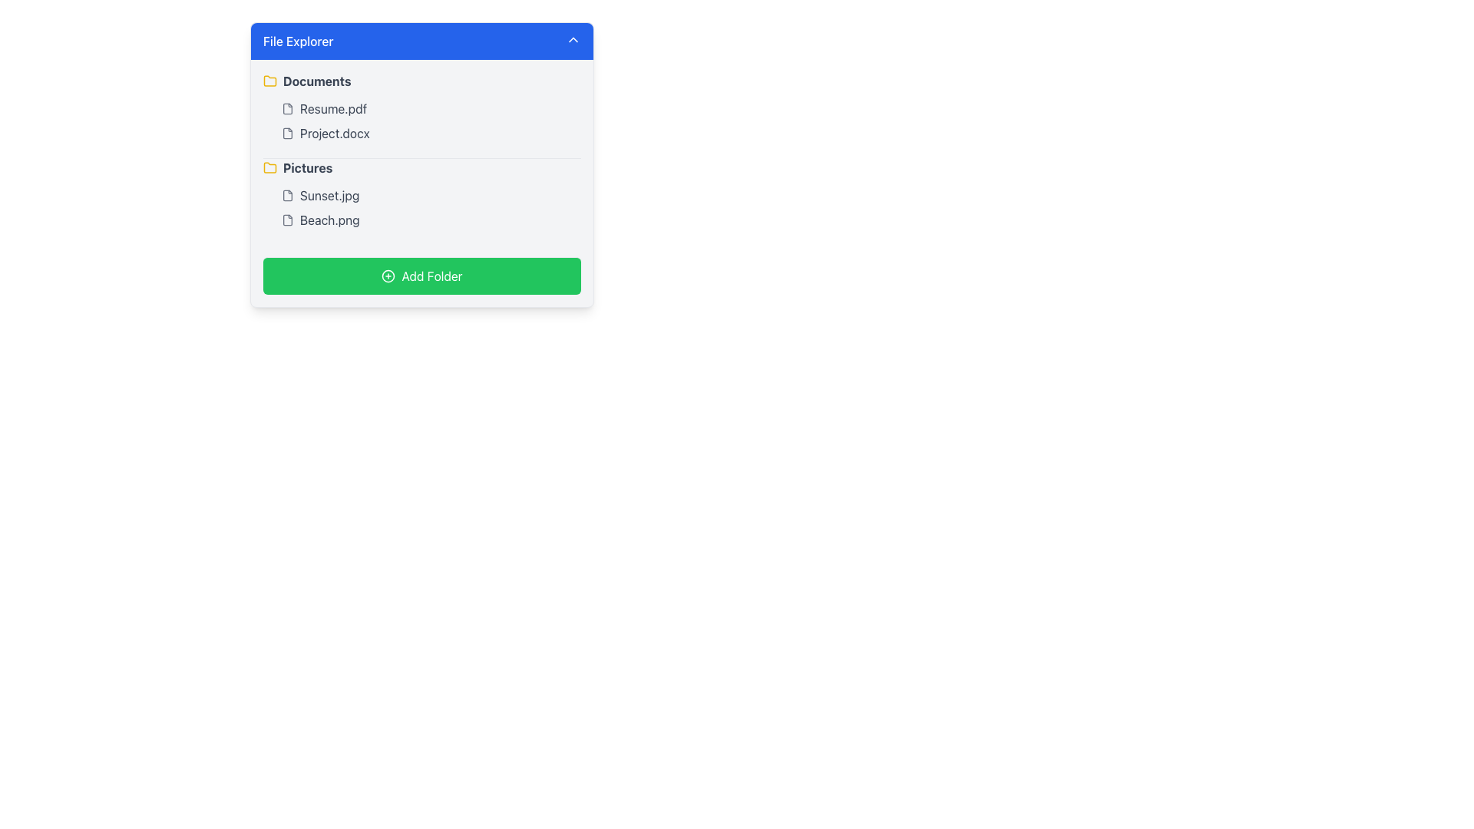  Describe the element at coordinates (307, 168) in the screenshot. I see `the 'Pictures' text label, which is styled in bold and darker gray, located in the middle section of the file explorer UI` at that location.